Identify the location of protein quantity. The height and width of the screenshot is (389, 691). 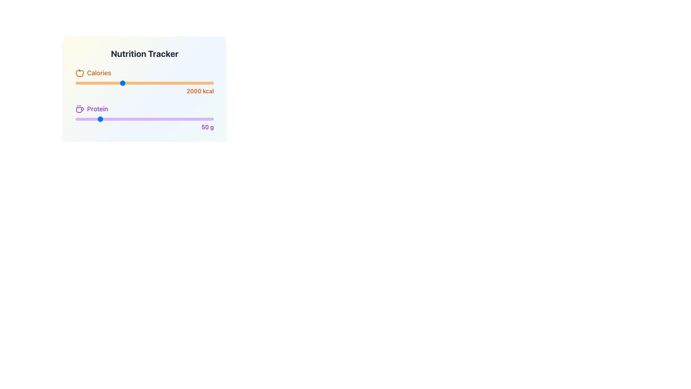
(203, 119).